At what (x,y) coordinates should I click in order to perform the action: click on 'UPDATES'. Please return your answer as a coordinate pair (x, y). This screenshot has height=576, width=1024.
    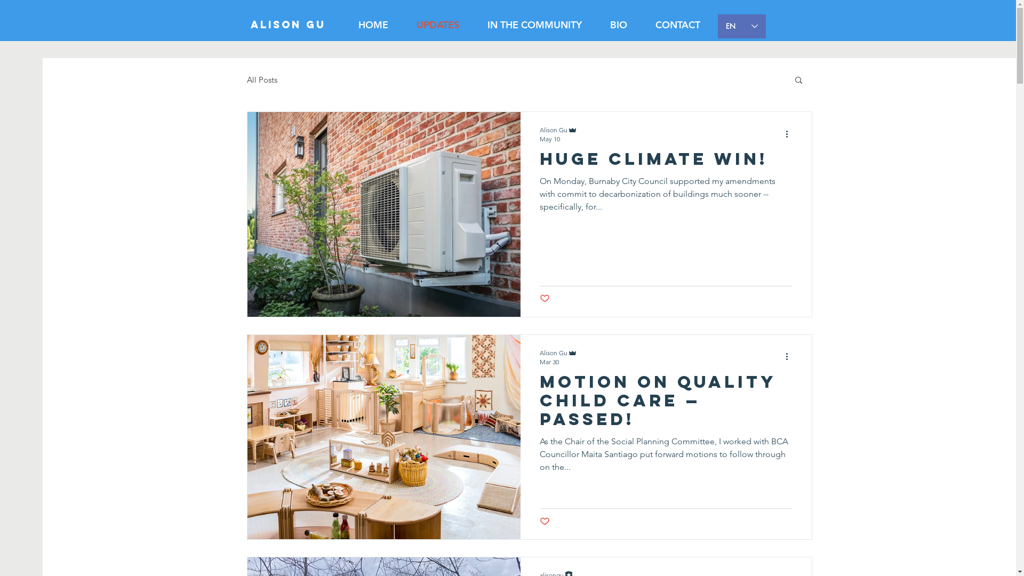
    Looking at the image, I should click on (437, 24).